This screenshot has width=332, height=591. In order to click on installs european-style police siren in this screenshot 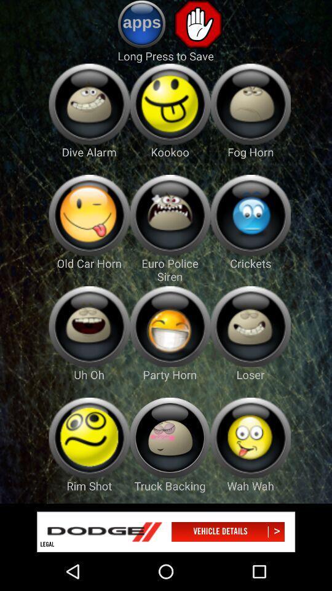, I will do `click(169, 215)`.